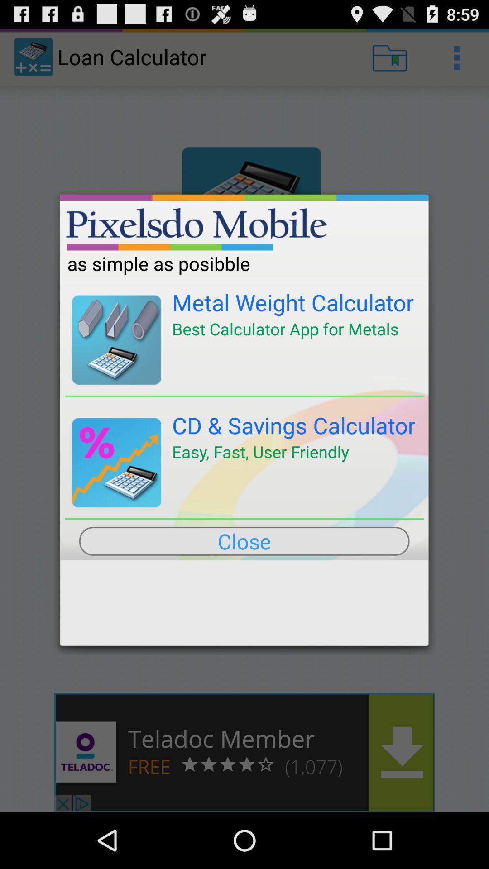  Describe the element at coordinates (244, 396) in the screenshot. I see `the item above the cd & savings calculator` at that location.